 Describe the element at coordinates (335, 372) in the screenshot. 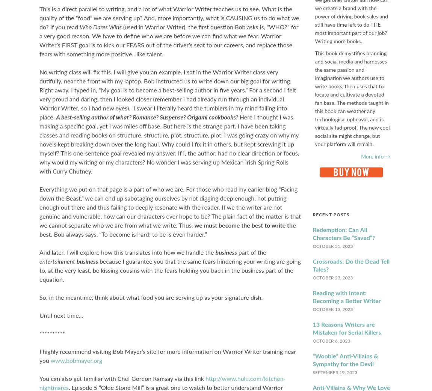

I see `'September 19, 2023'` at that location.